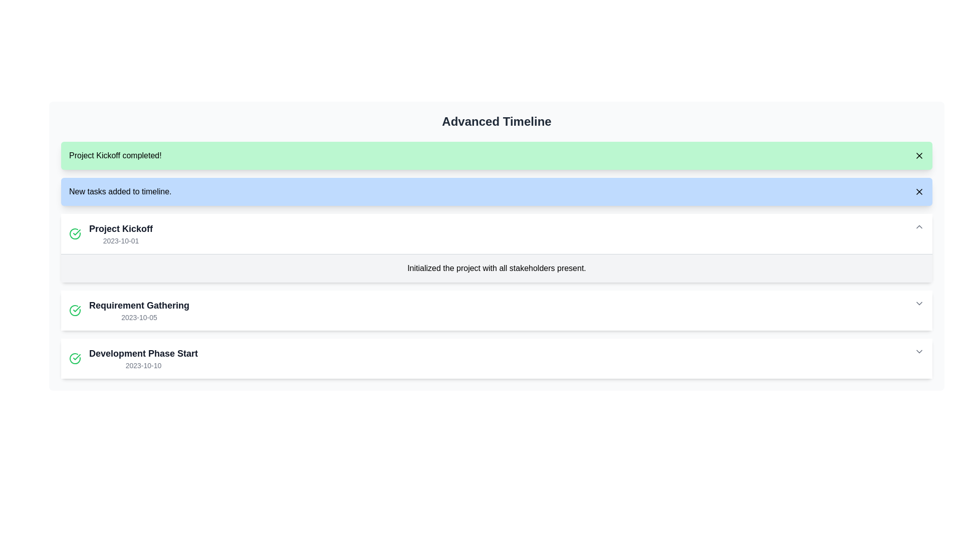 The width and height of the screenshot is (962, 541). What do you see at coordinates (120, 228) in the screenshot?
I see `the text element displaying 'Project Kickoff', which is styled prominently as a heading in a bold, larger font near the top of a task card` at bounding box center [120, 228].